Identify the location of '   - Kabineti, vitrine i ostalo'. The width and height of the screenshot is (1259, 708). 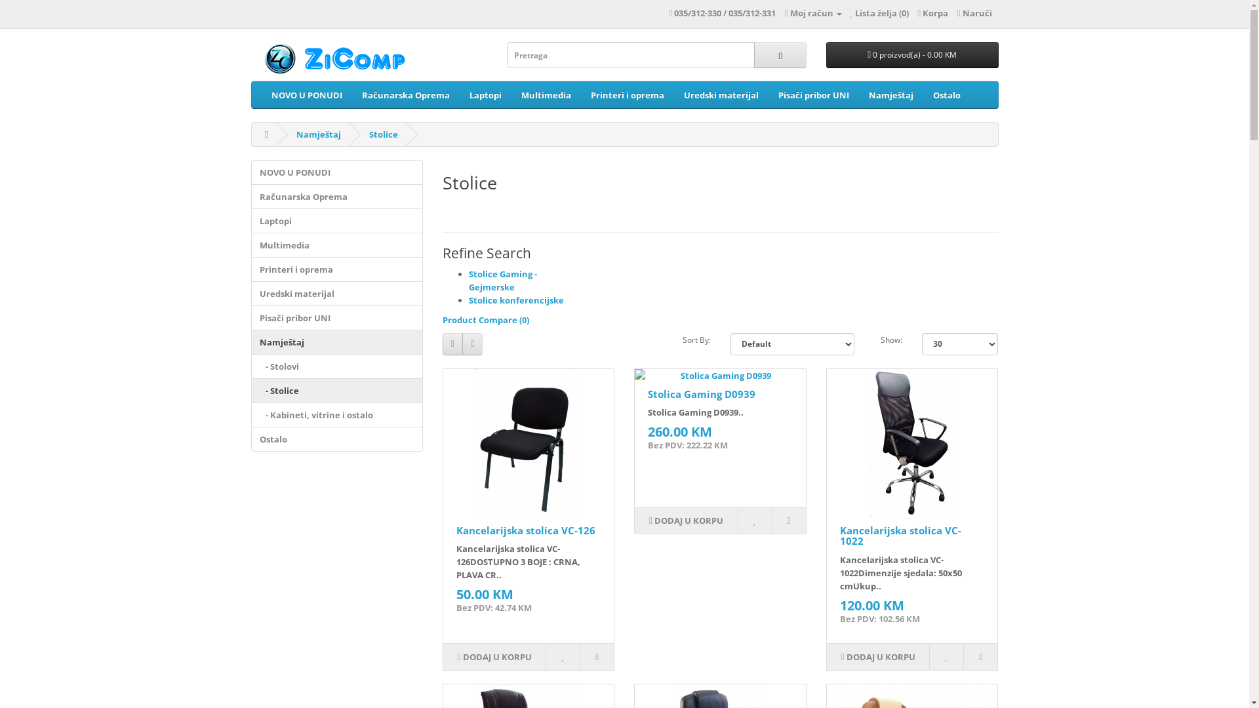
(250, 414).